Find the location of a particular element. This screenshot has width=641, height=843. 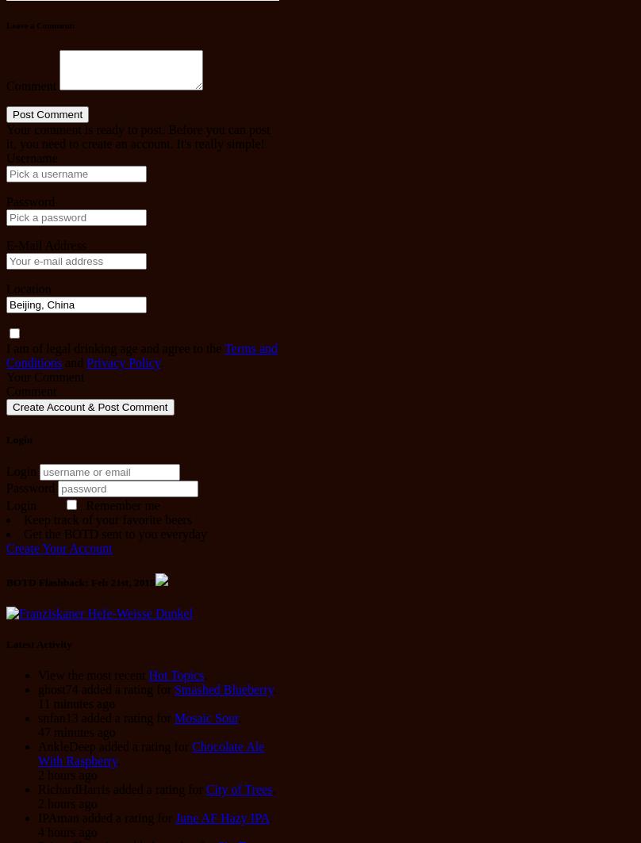

'Your Comment' is located at coordinates (44, 377).